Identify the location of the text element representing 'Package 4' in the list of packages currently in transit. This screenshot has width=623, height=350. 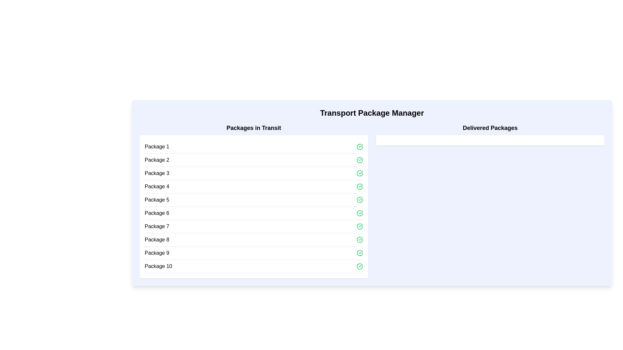
(157, 186).